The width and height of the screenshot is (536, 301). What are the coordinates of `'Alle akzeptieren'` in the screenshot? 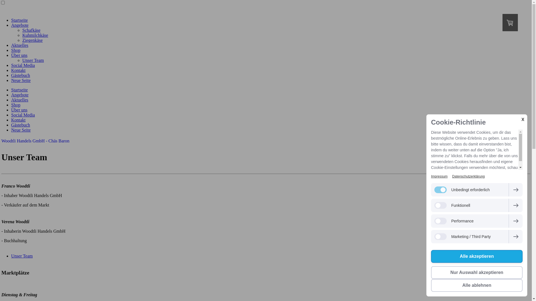 It's located at (477, 256).